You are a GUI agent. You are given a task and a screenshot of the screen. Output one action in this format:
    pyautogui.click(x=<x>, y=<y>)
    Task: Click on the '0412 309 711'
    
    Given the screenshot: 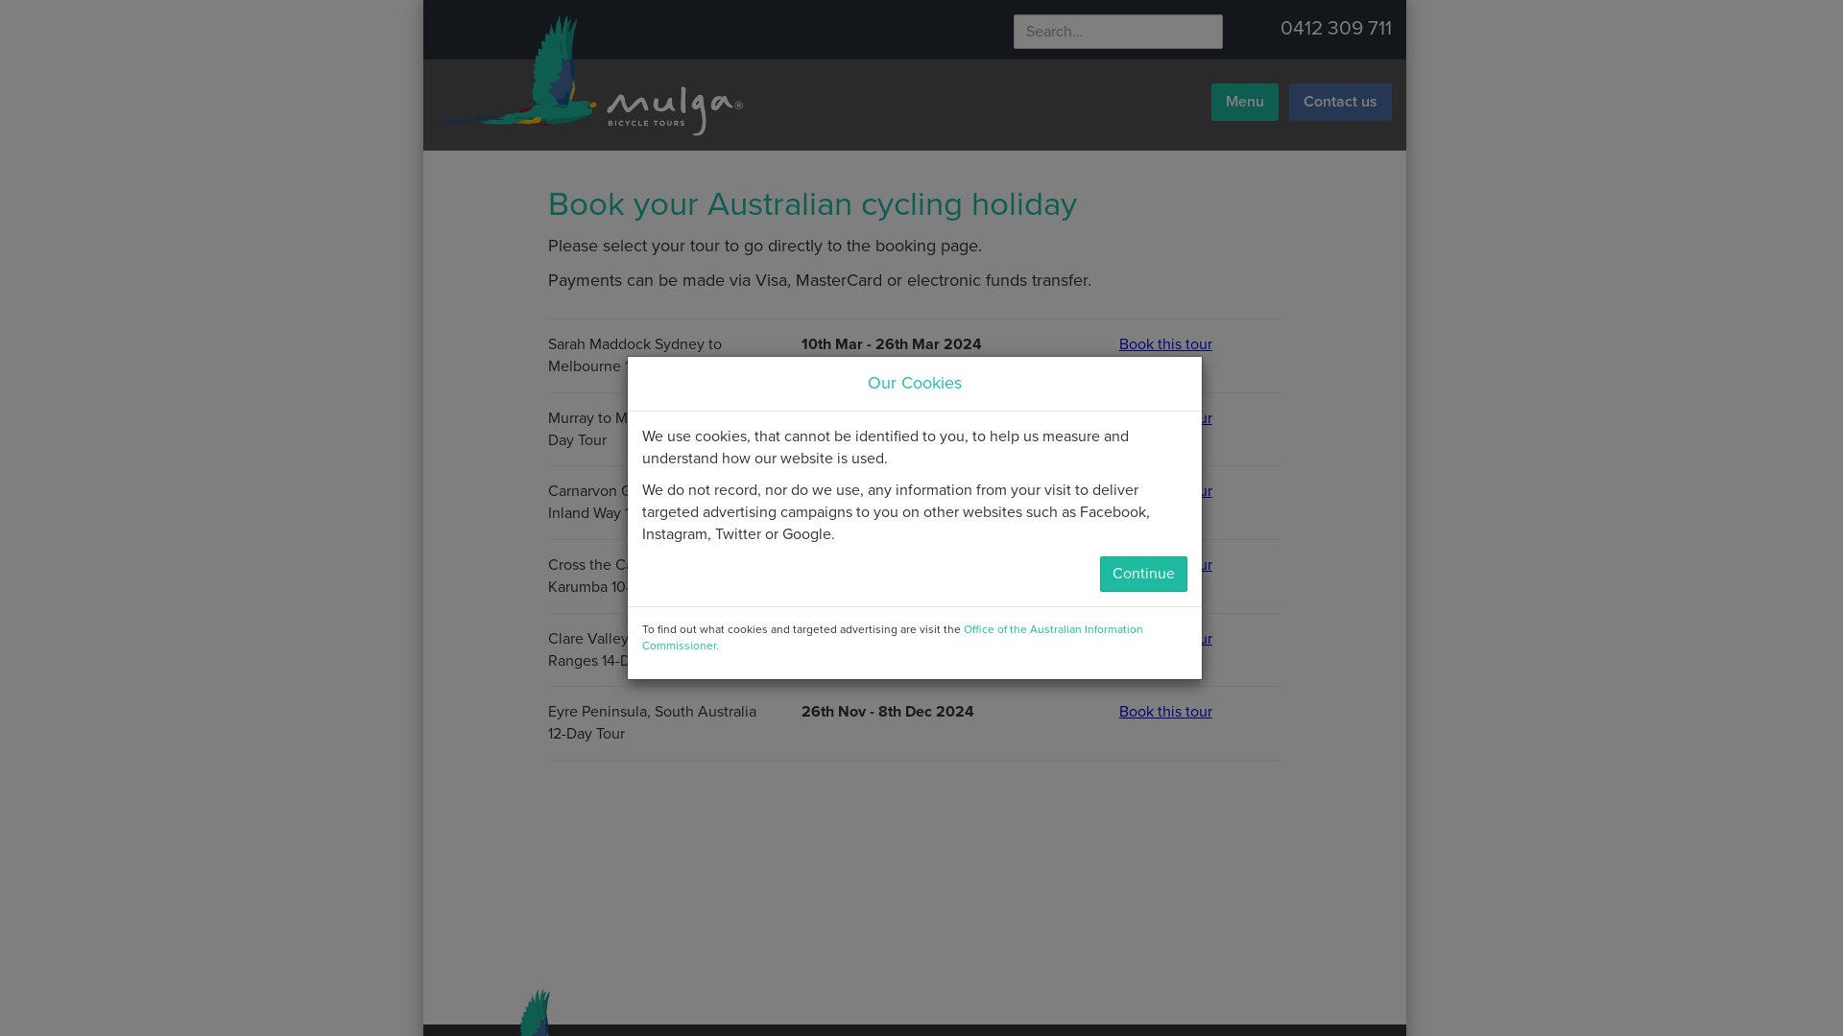 What is the action you would take?
    pyautogui.click(x=1281, y=28)
    